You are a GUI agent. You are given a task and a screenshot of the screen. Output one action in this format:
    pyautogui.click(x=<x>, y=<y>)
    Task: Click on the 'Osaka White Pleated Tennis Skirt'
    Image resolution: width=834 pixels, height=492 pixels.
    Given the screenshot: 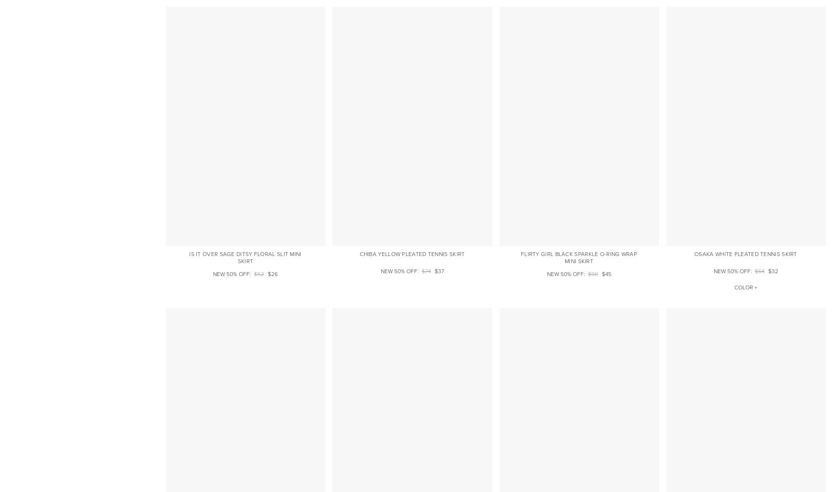 What is the action you would take?
    pyautogui.click(x=745, y=254)
    